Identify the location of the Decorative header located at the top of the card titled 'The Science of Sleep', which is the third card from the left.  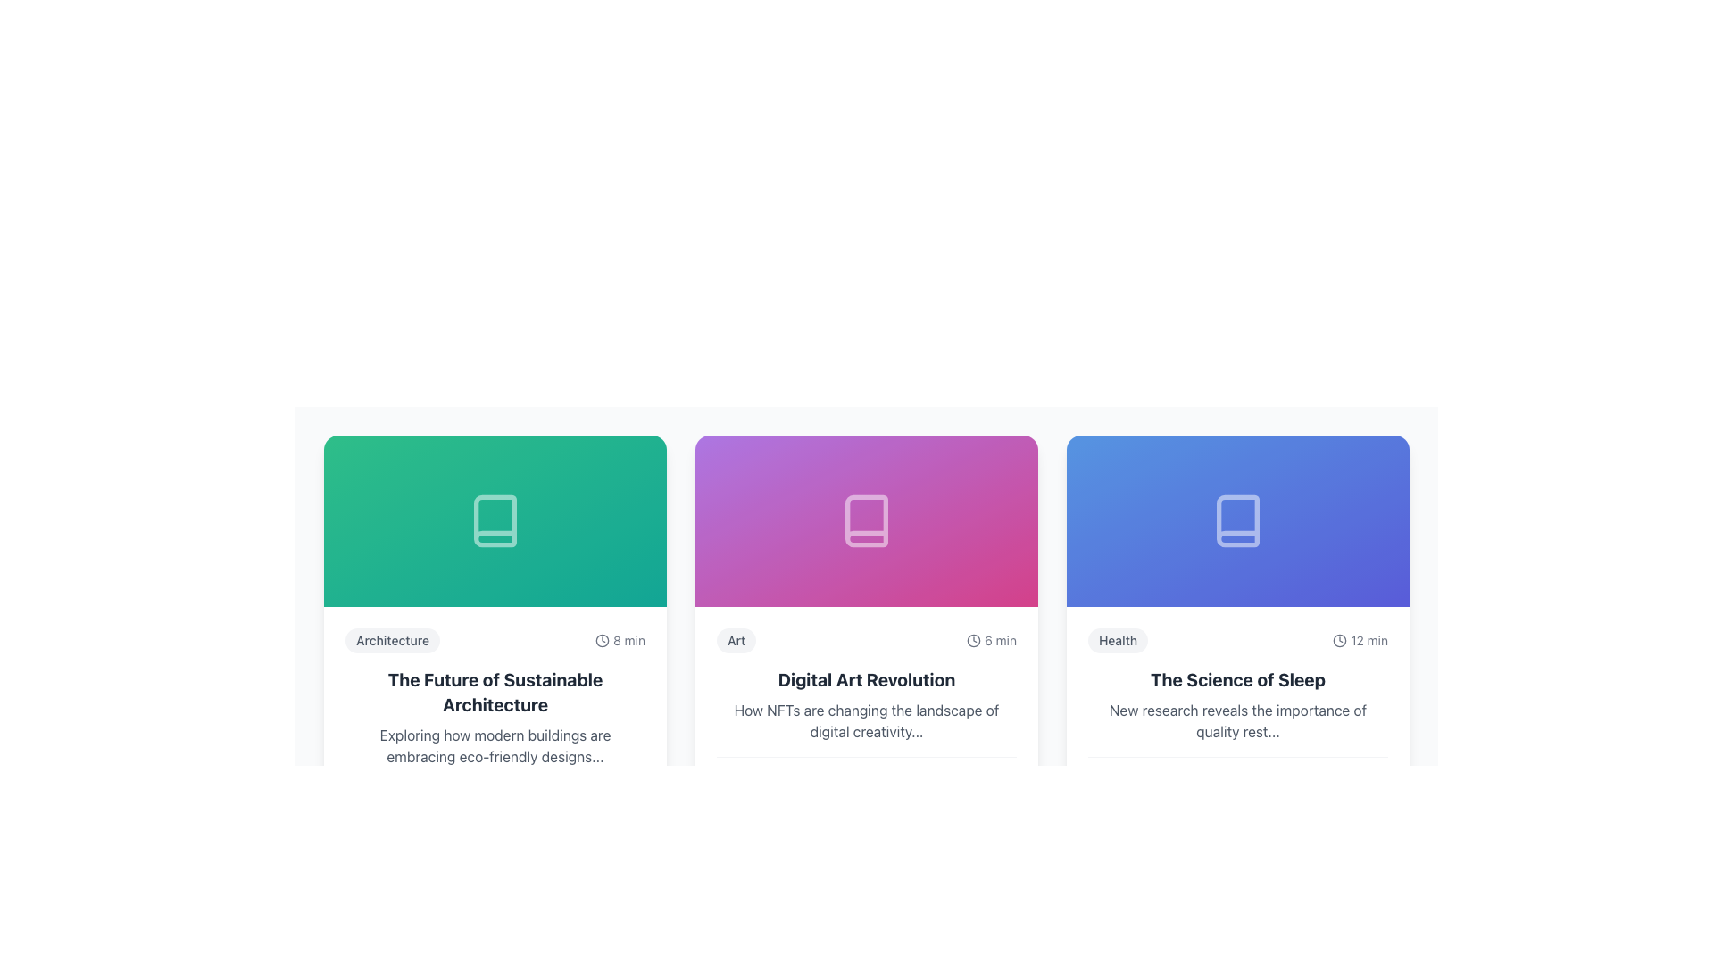
(1237, 520).